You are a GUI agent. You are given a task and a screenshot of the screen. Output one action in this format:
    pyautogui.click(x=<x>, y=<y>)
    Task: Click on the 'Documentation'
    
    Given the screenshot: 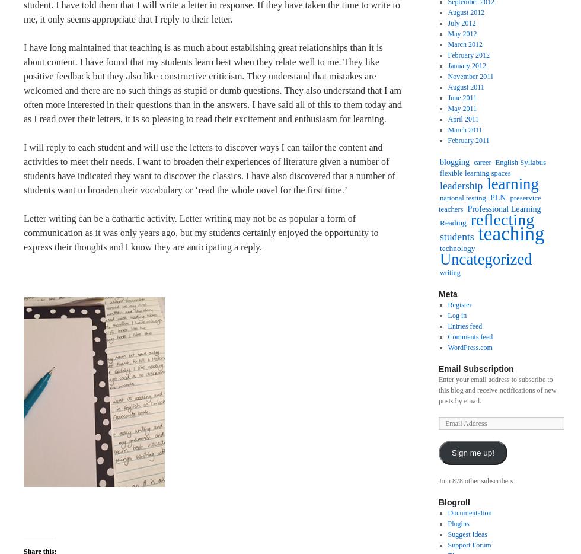 What is the action you would take?
    pyautogui.click(x=470, y=512)
    